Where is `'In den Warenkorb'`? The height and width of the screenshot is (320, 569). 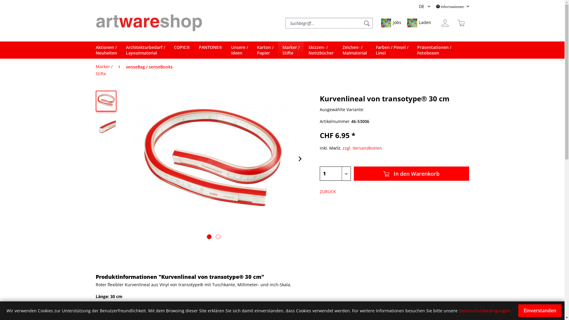 'In den Warenkorb' is located at coordinates (411, 173).